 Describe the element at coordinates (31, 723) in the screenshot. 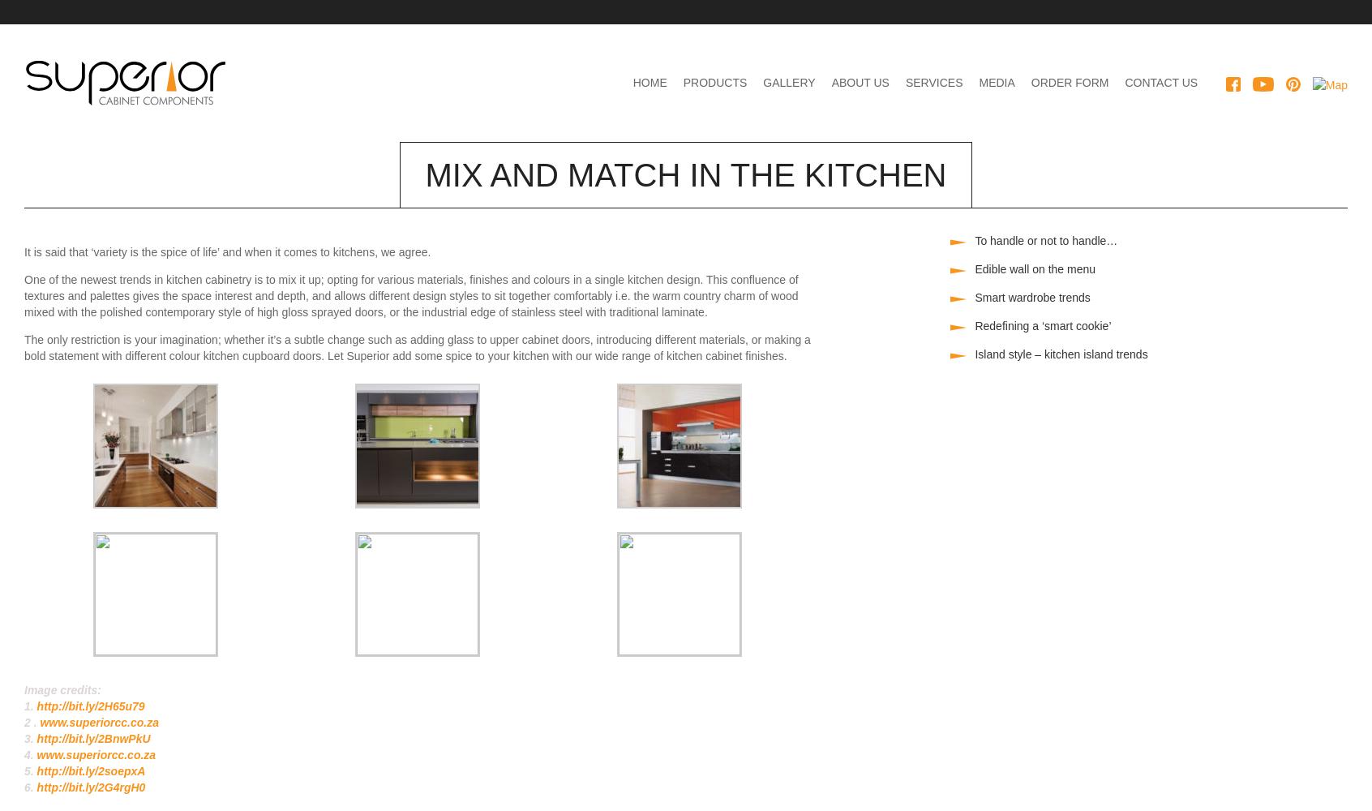

I see `'2 .'` at that location.